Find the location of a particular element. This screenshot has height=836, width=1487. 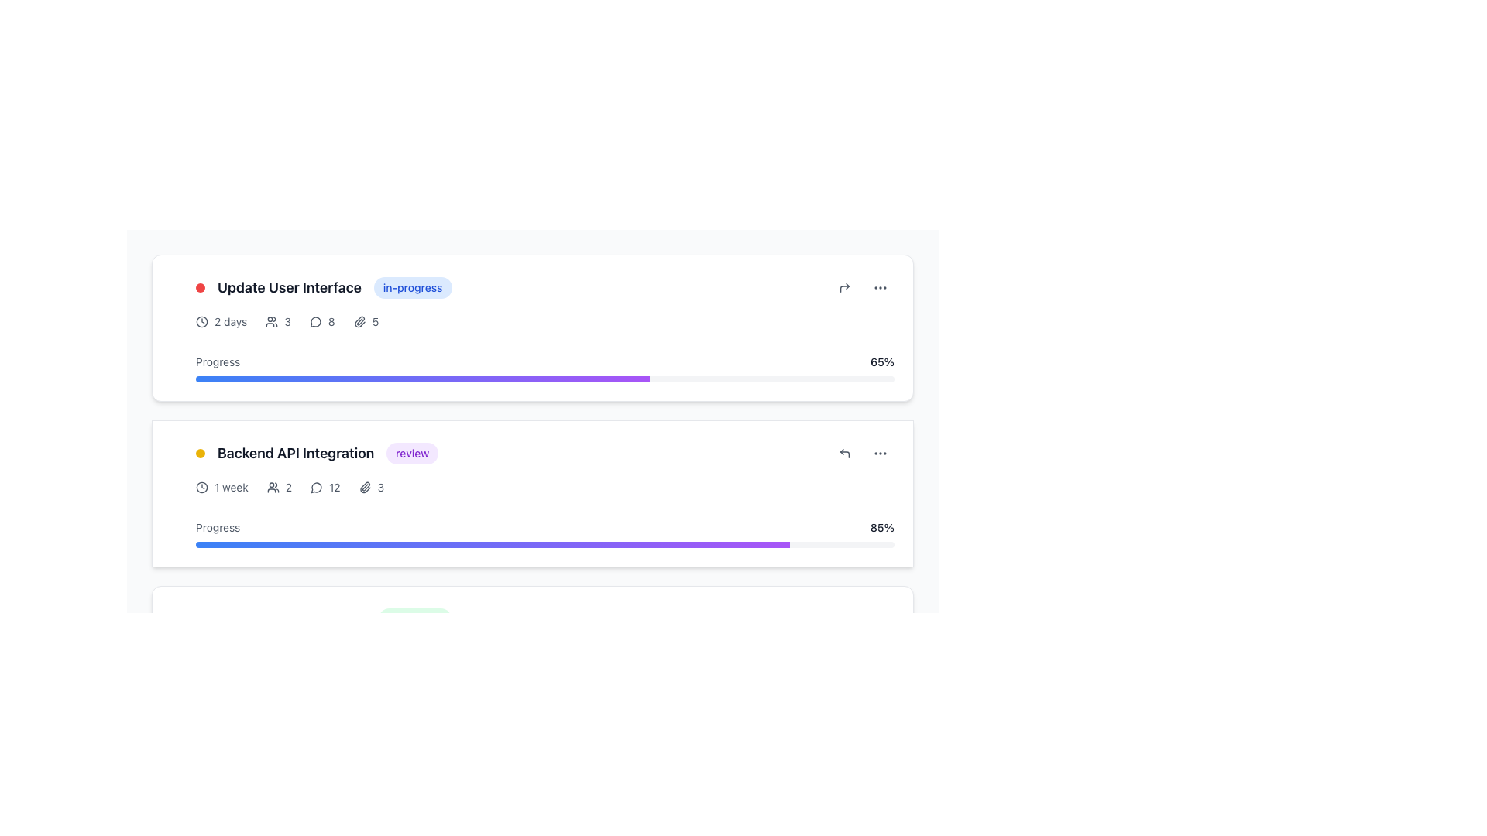

the text label displaying '2 days', which is located under the task title 'Update User Interface' and follows a clock icon in the upper task card is located at coordinates (230, 321).